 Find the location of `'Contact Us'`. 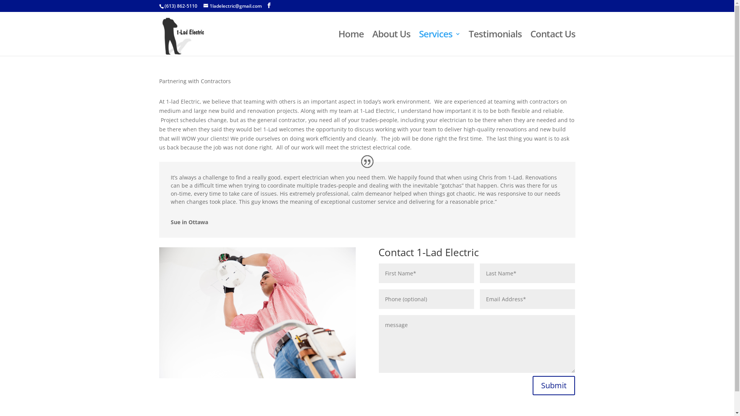

'Contact Us' is located at coordinates (552, 43).